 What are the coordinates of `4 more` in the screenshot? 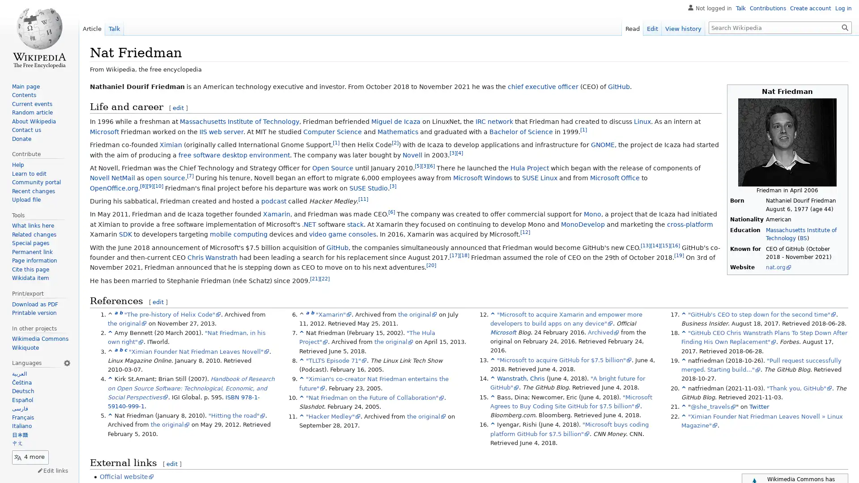 It's located at (30, 457).